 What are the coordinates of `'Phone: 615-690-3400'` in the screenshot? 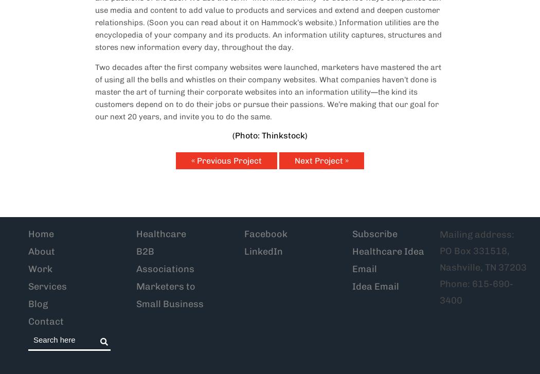 It's located at (476, 292).